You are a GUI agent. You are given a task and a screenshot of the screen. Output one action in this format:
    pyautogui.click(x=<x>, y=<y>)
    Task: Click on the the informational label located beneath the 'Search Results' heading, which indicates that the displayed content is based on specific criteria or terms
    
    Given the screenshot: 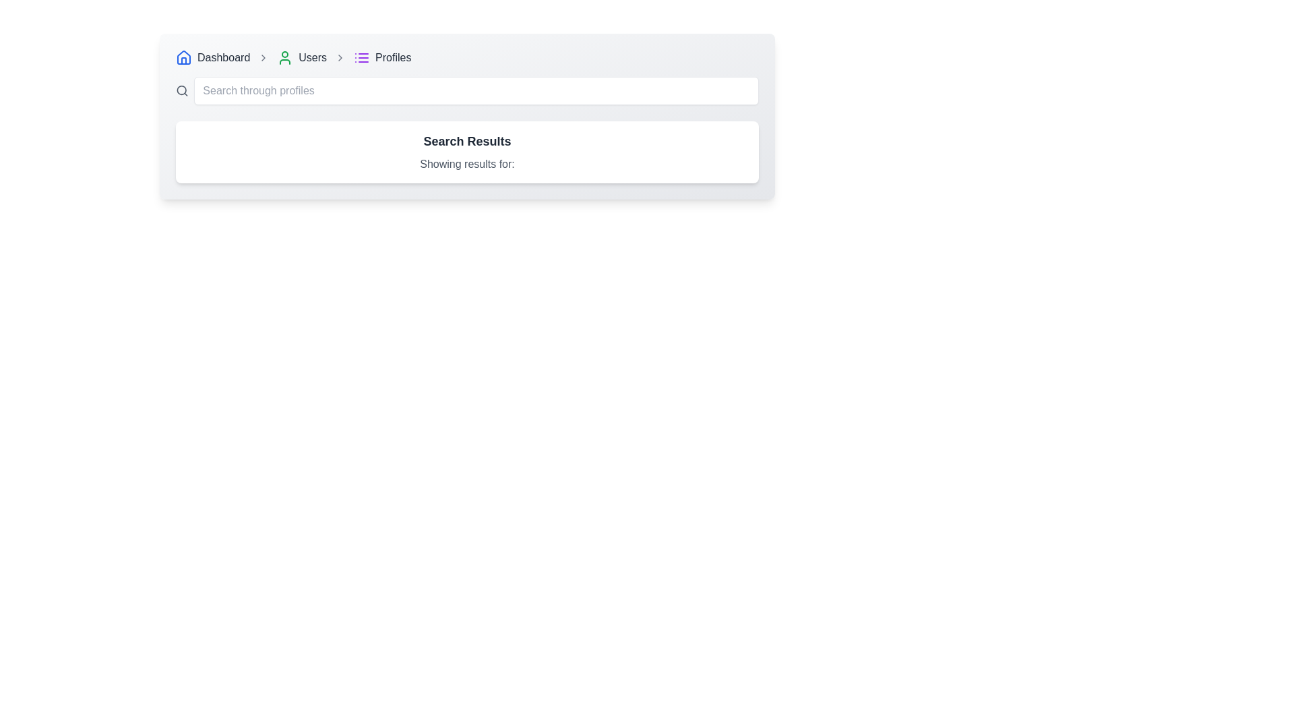 What is the action you would take?
    pyautogui.click(x=467, y=163)
    